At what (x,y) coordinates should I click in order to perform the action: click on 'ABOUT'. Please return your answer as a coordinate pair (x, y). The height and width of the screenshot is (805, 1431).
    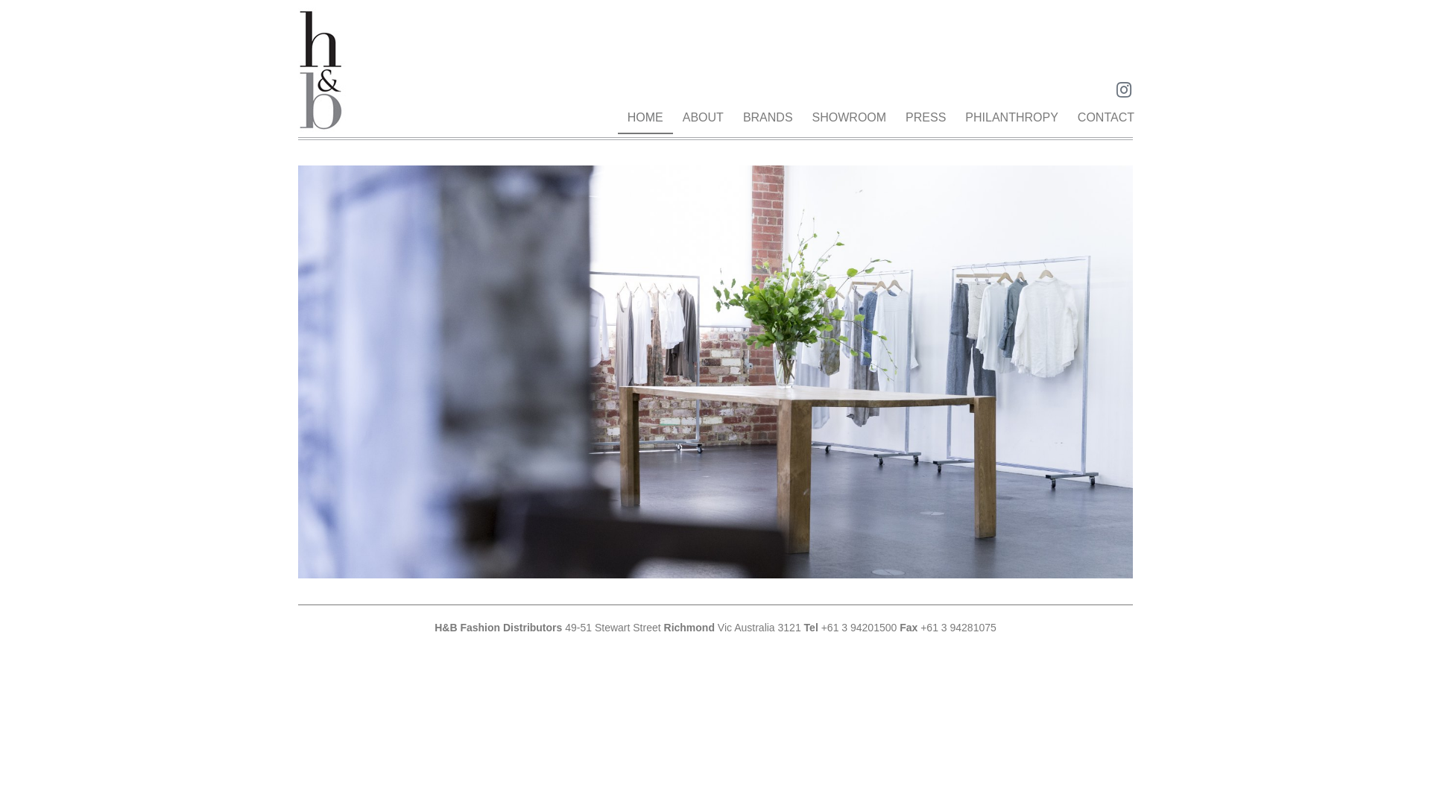
    Looking at the image, I should click on (702, 117).